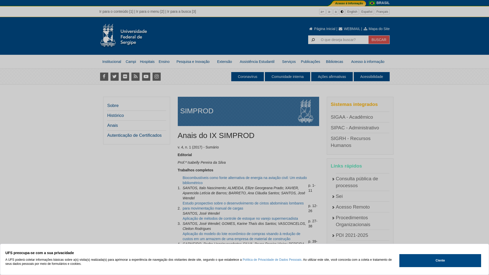 This screenshot has width=489, height=275. What do you see at coordinates (379, 39) in the screenshot?
I see `'BUSCAR'` at bounding box center [379, 39].